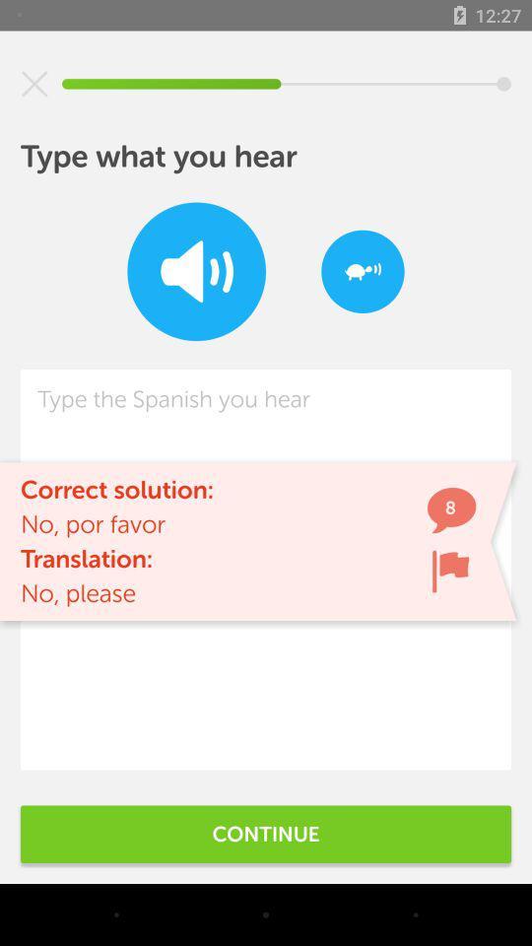 This screenshot has width=532, height=946. I want to click on flogging, so click(450, 571).